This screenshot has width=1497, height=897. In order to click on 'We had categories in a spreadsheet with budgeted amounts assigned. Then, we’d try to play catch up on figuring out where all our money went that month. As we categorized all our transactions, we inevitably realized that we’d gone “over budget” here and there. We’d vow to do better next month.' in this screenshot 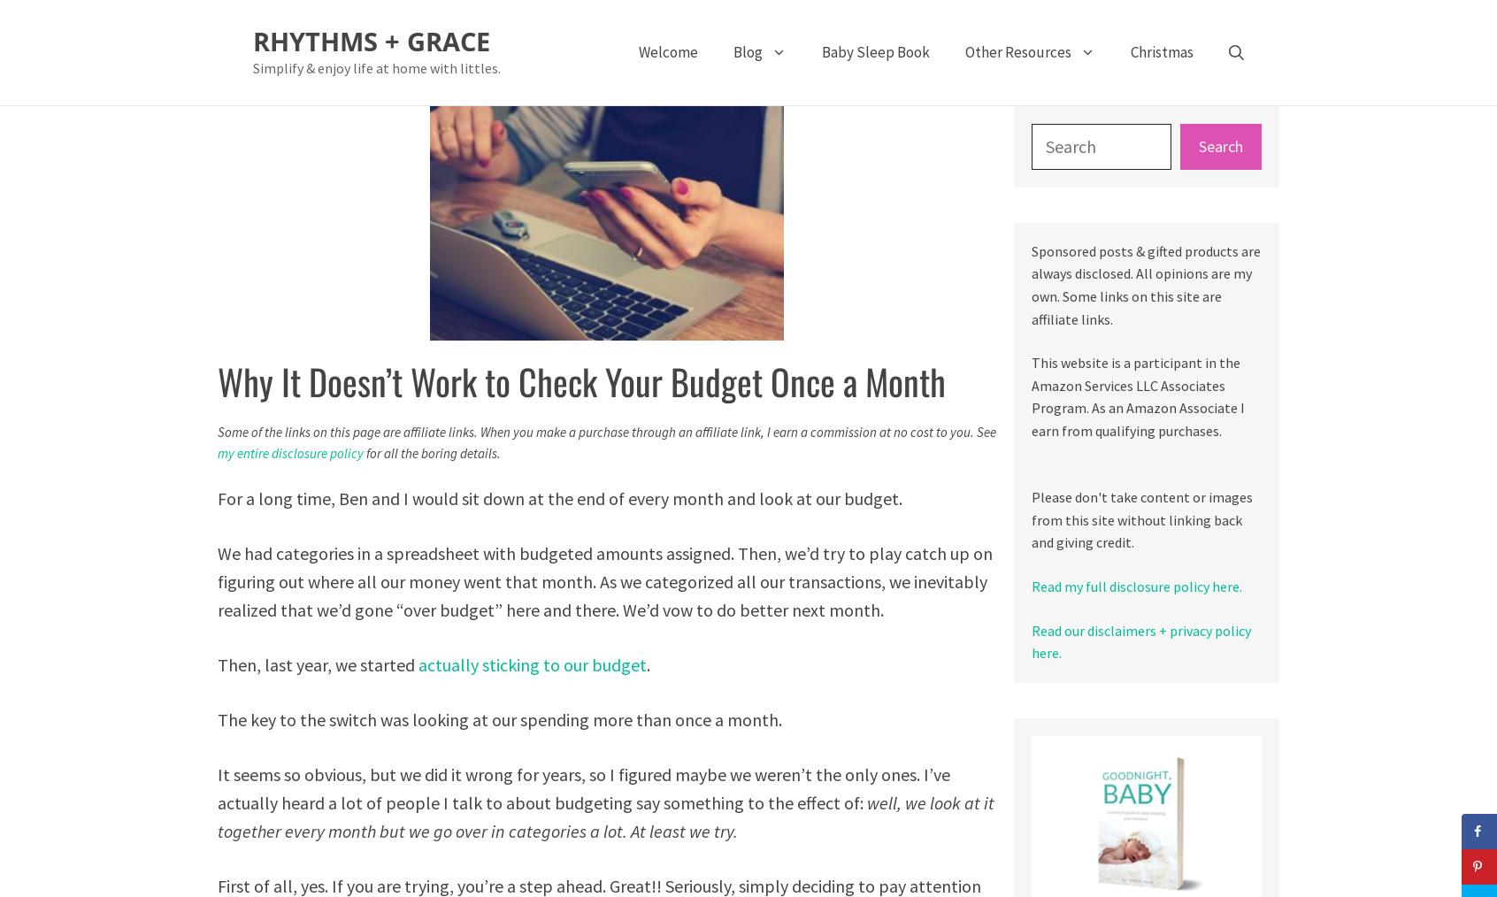, I will do `click(605, 580)`.